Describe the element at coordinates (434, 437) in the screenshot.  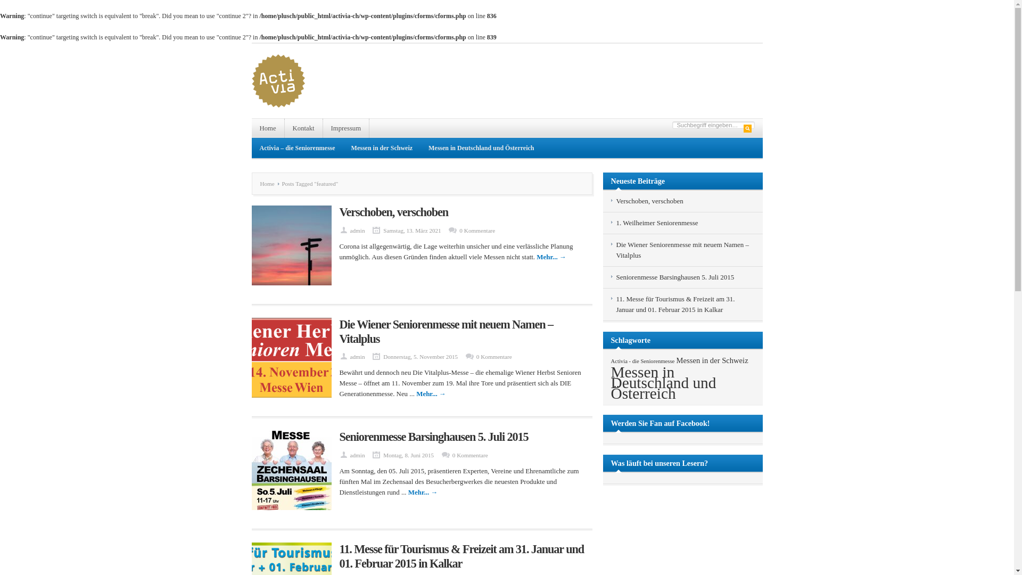
I see `'Seniorenmesse Barsinghausen 5. Juli 2015'` at that location.